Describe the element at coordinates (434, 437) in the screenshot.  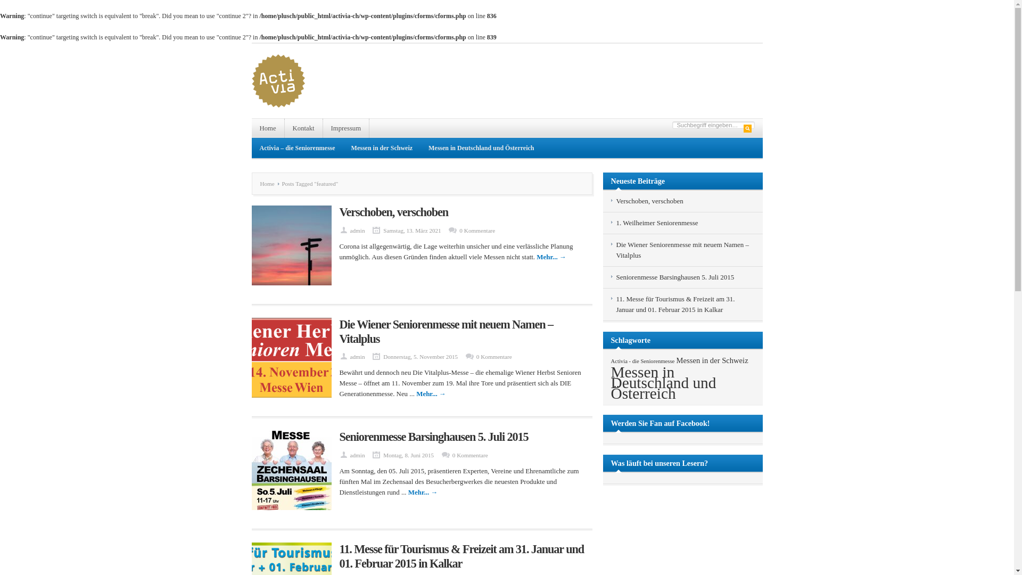
I see `'Seniorenmesse Barsinghausen 5. Juli 2015'` at that location.